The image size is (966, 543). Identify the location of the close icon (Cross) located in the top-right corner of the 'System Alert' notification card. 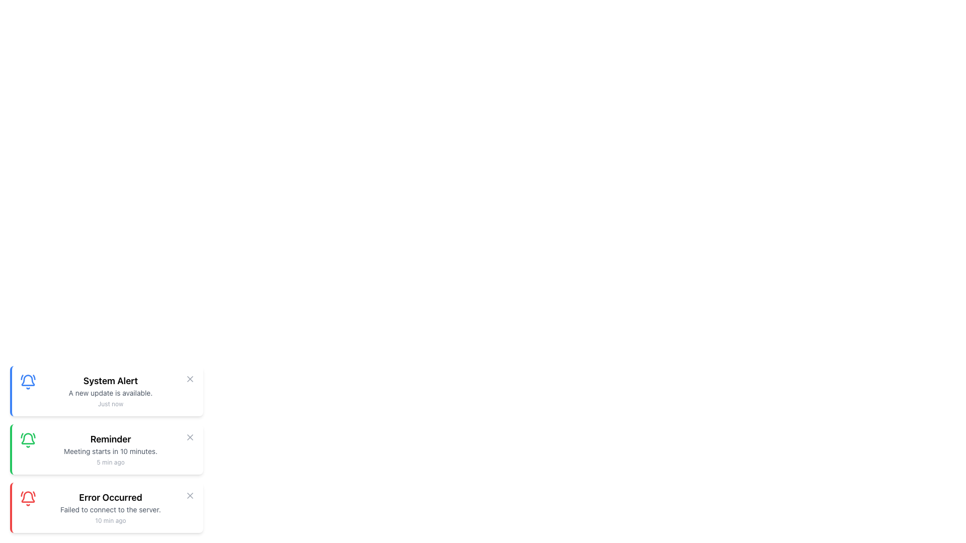
(190, 379).